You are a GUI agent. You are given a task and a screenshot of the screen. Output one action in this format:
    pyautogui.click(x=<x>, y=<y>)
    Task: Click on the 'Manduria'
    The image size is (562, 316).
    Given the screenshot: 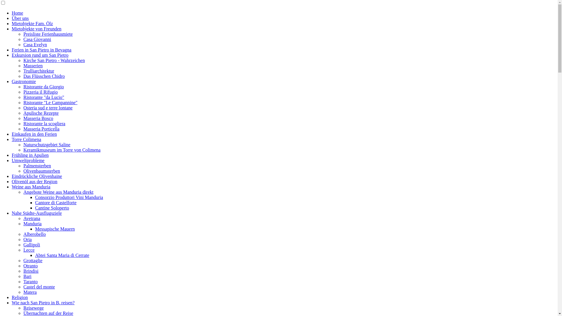 What is the action you would take?
    pyautogui.click(x=32, y=224)
    